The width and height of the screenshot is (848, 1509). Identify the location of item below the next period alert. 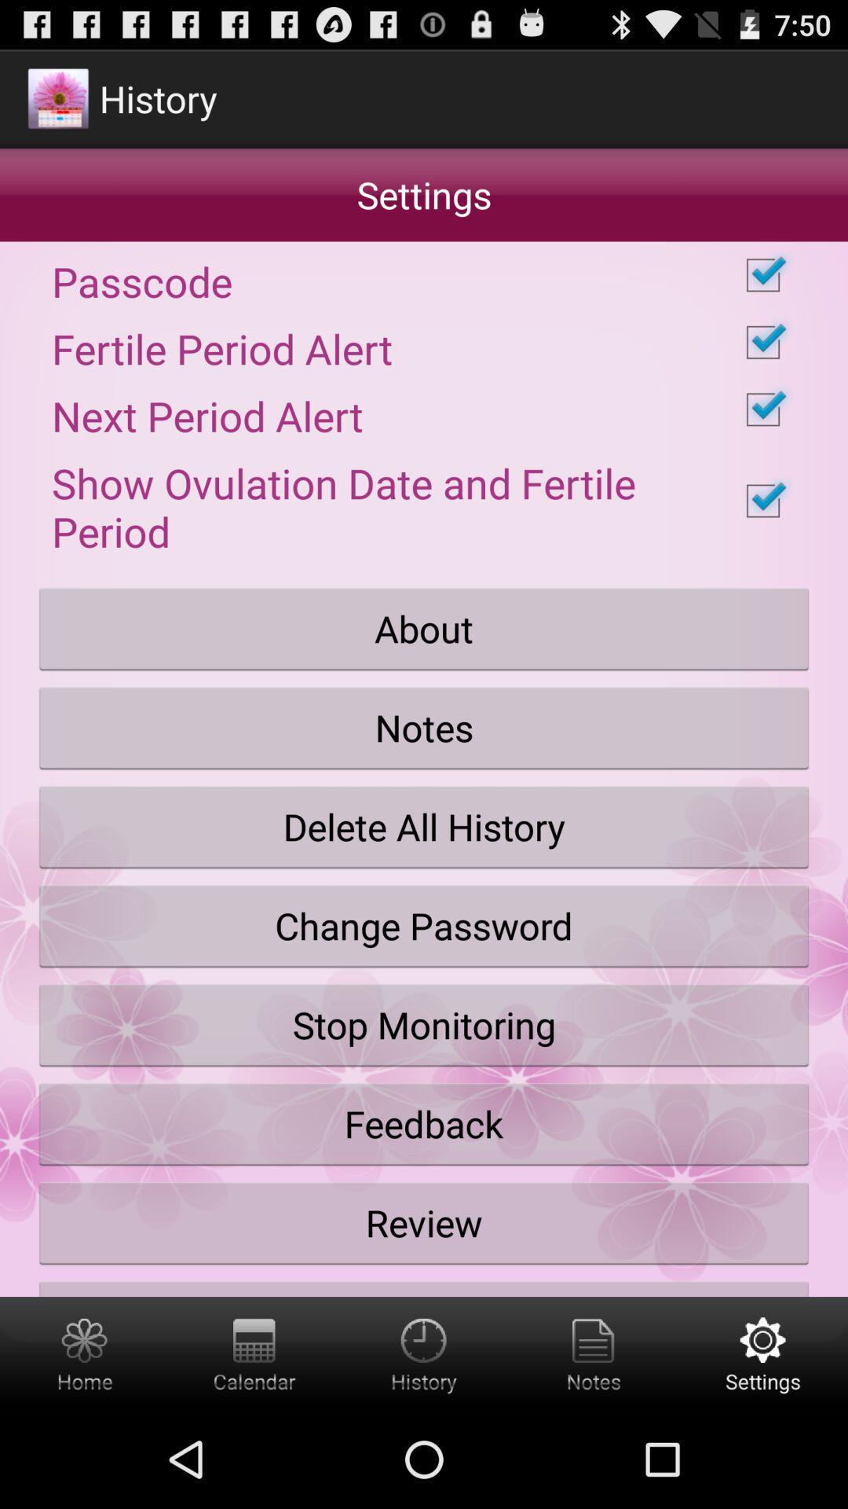
(424, 500).